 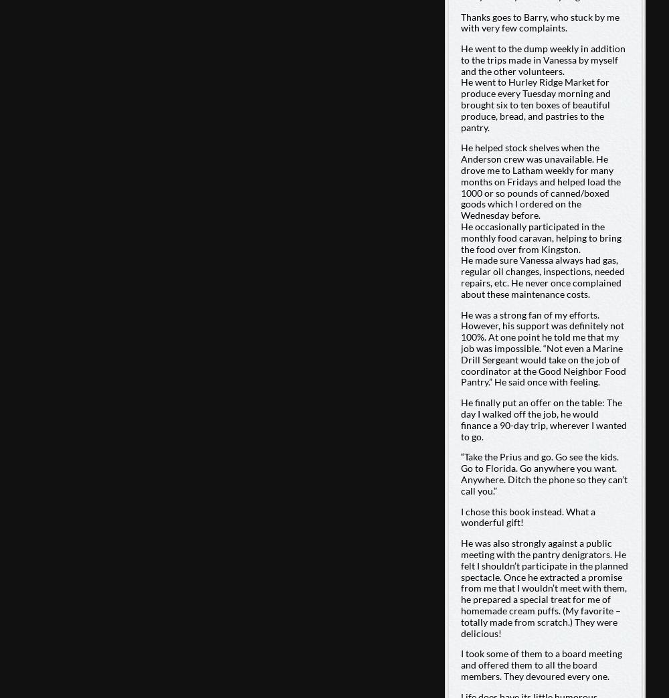 What do you see at coordinates (543, 347) in the screenshot?
I see `'He was a strong fan of my efforts. However, his support was definitely not 100%. At one point he told me that my job was impossible. “Not even a Marine Drill Sergeant would take on the job of coordinator at the Good Neighbor Food Pantry.” He said once with feeling.'` at bounding box center [543, 347].